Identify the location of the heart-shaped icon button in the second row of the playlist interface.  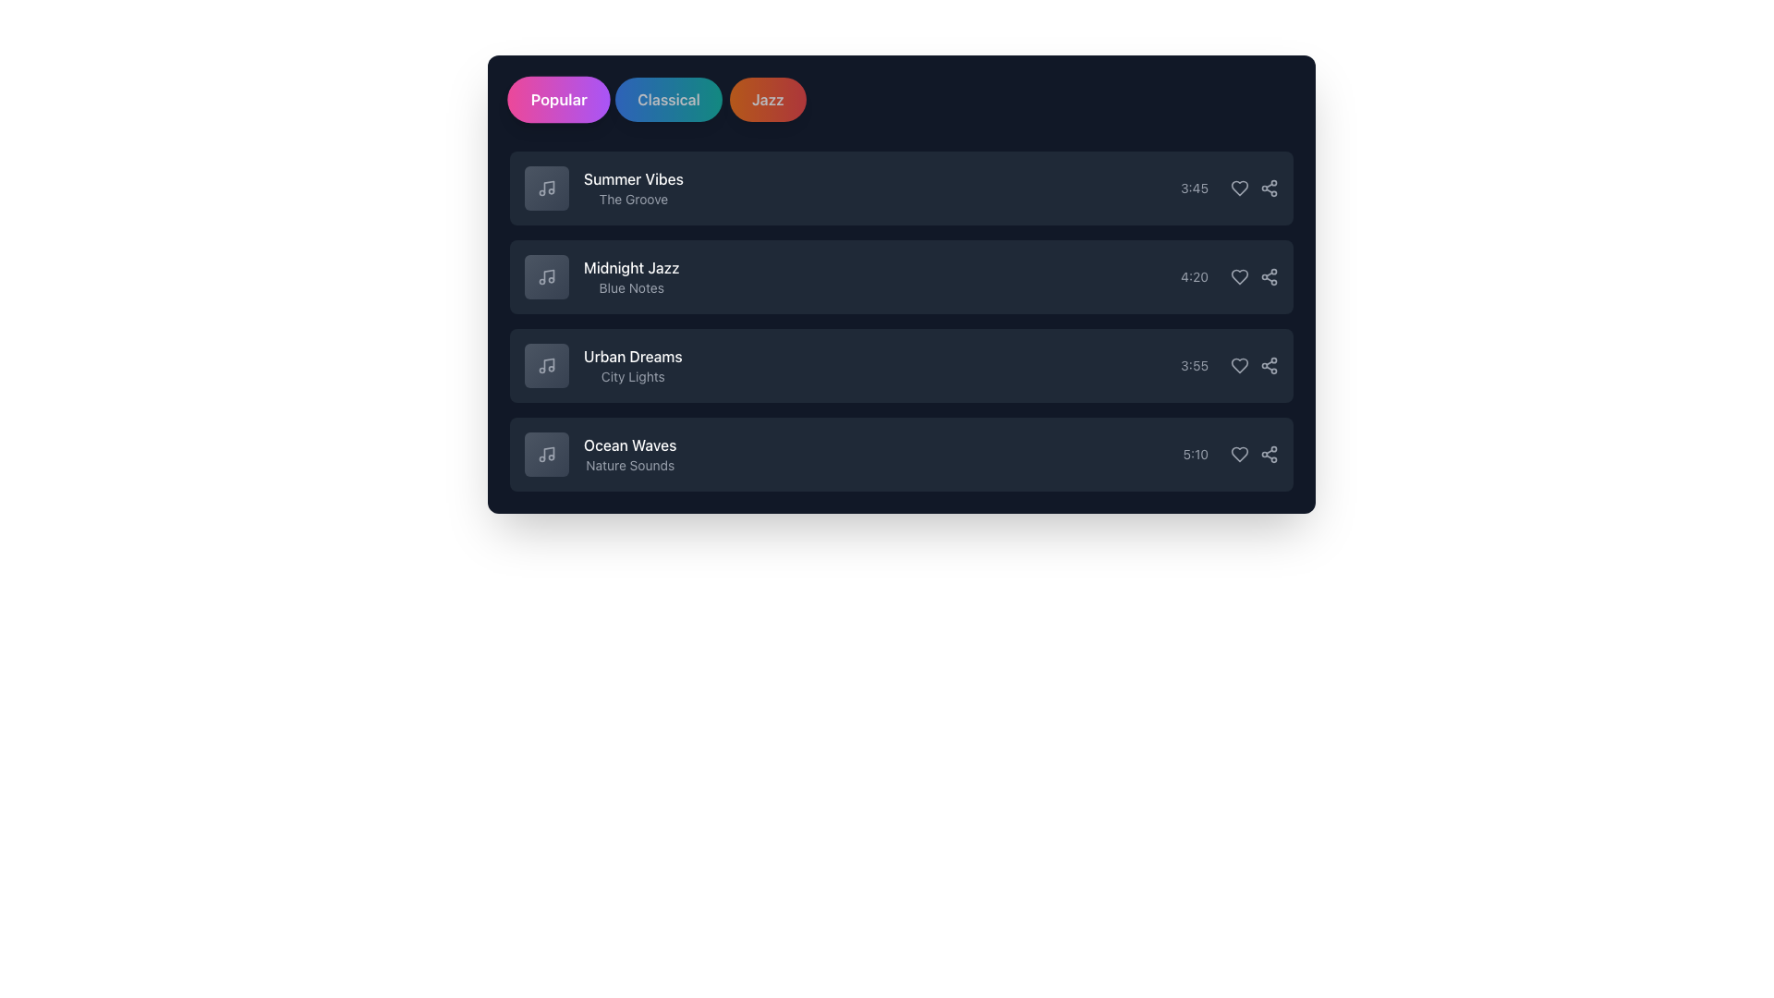
(1240, 277).